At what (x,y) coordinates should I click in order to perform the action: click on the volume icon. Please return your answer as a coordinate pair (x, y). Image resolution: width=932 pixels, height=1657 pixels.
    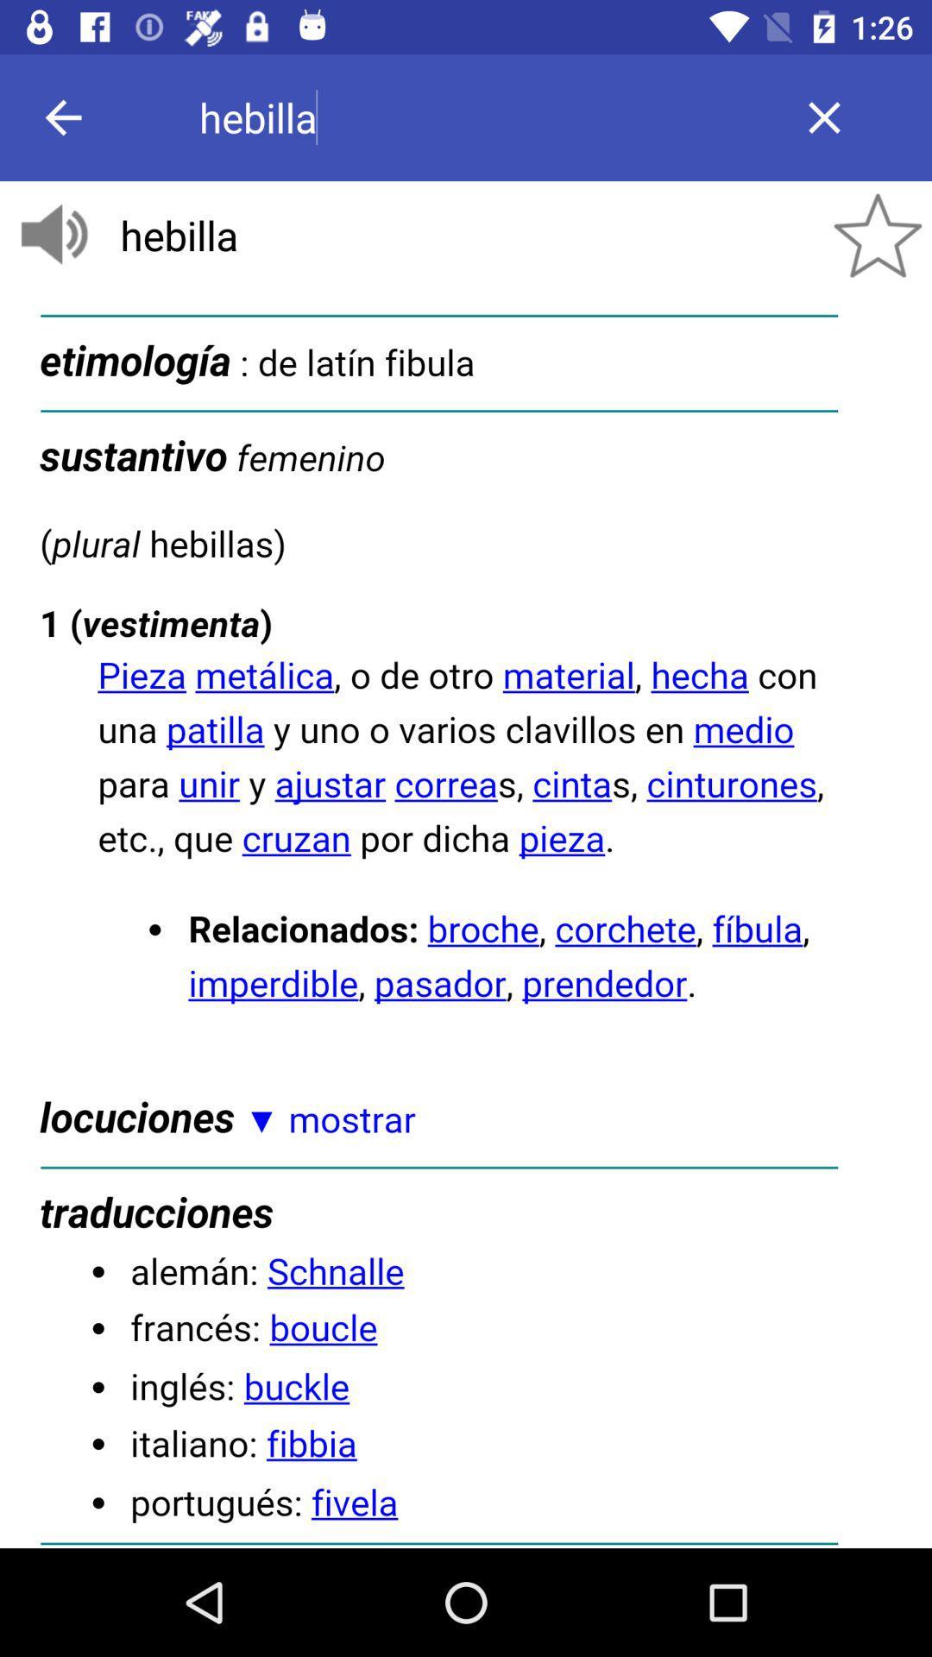
    Looking at the image, I should click on (53, 235).